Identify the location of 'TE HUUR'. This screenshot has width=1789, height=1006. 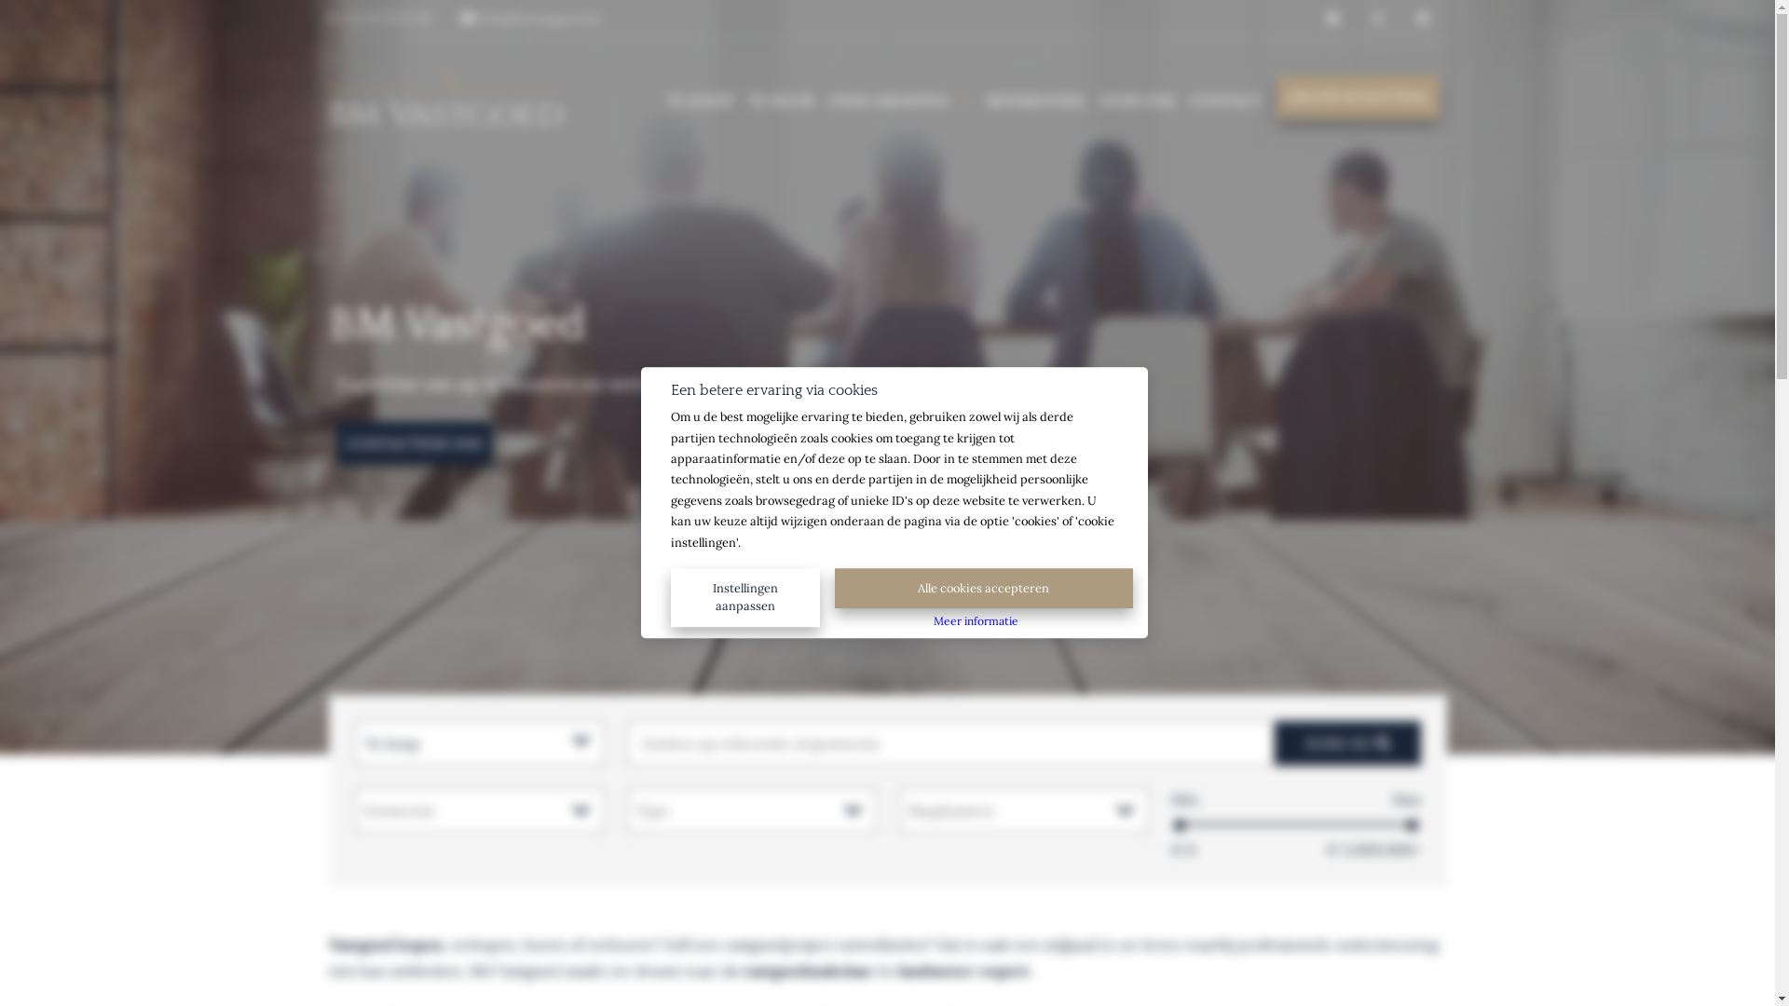
(740, 98).